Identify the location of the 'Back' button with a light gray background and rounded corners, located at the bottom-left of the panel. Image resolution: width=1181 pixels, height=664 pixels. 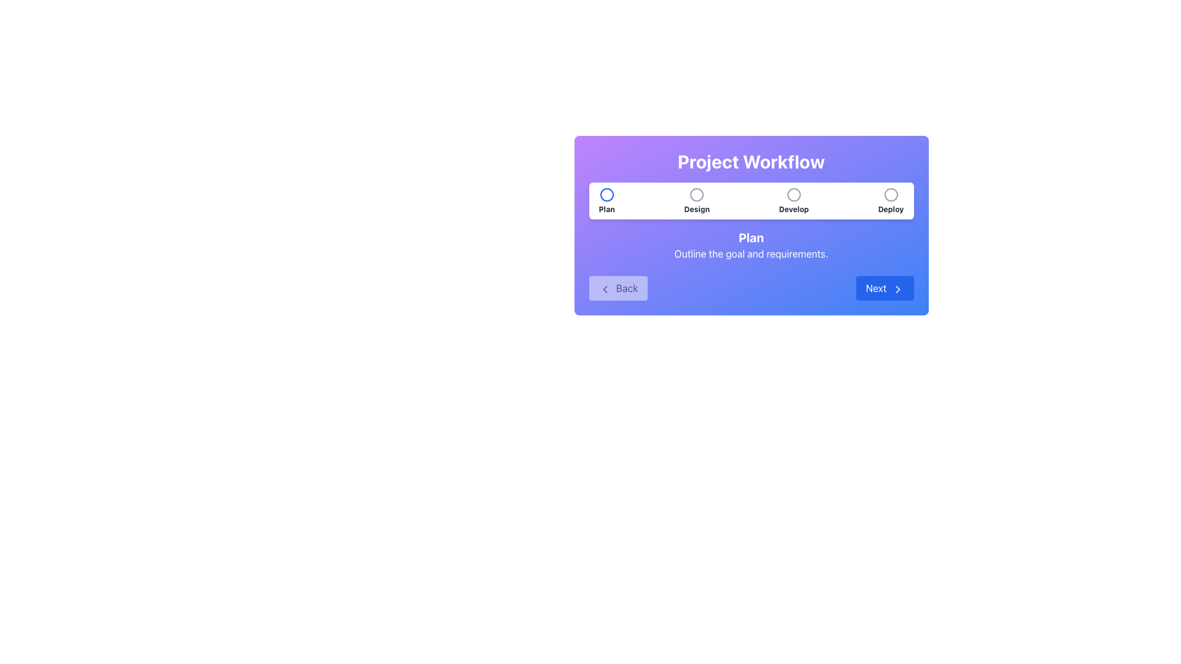
(618, 288).